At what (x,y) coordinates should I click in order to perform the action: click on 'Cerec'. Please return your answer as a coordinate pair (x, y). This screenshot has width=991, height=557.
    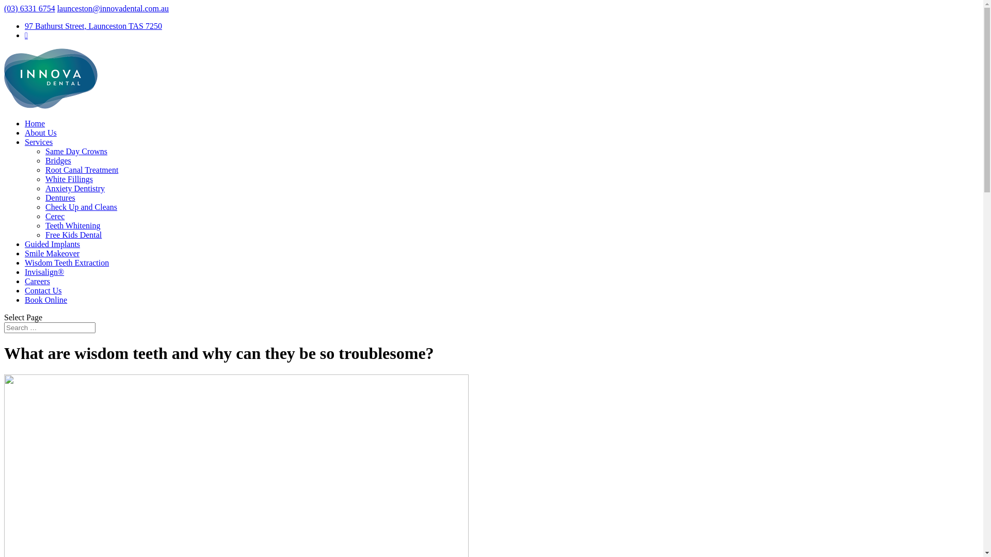
    Looking at the image, I should click on (44, 216).